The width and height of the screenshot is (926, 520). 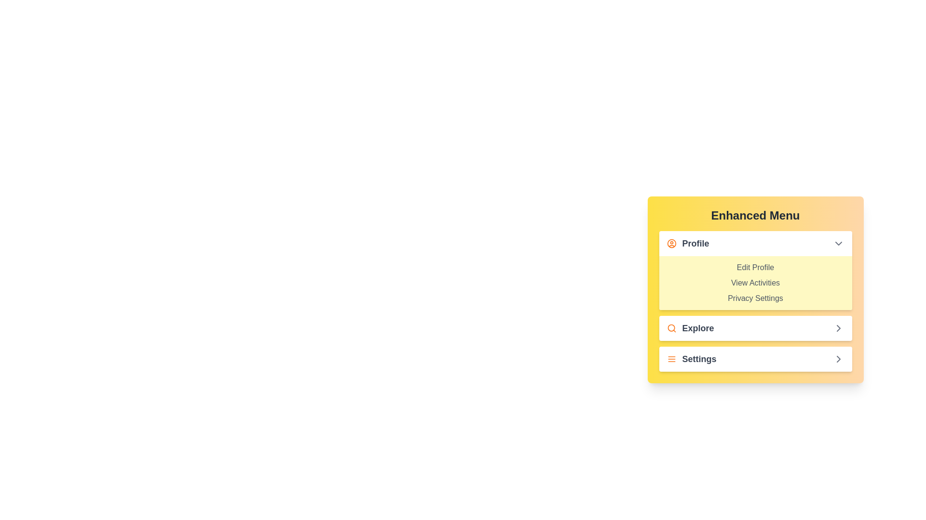 What do you see at coordinates (755, 308) in the screenshot?
I see `to select an option from the dropdown menu options list under 'Profile' in the yellow 'Enhanced Menu' card, which includes 'Edit Profile', 'View Activities', and 'Privacy Settings'` at bounding box center [755, 308].